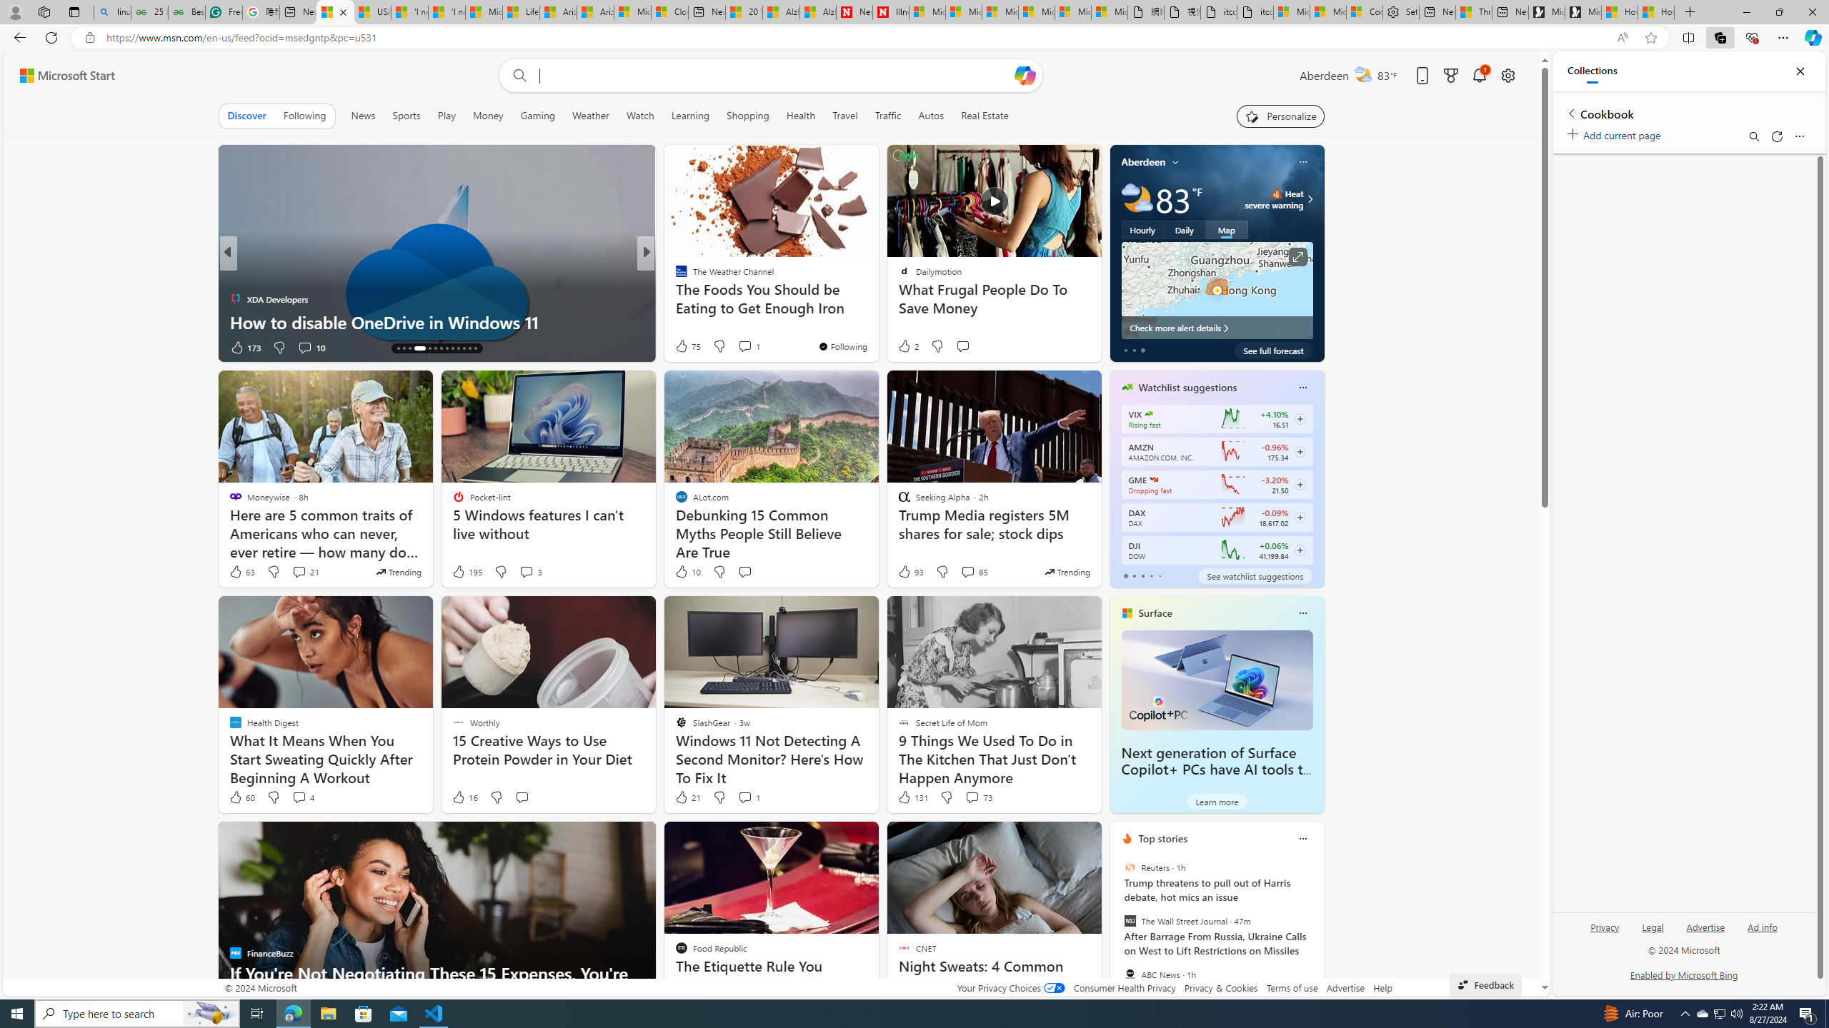 Image resolution: width=1829 pixels, height=1028 pixels. I want to click on 'The Wall Street Journal', so click(1128, 921).